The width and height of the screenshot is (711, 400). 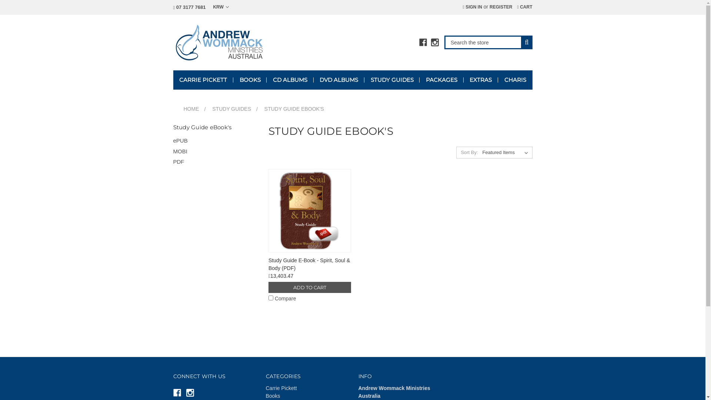 What do you see at coordinates (310, 287) in the screenshot?
I see `'ADD TO CART'` at bounding box center [310, 287].